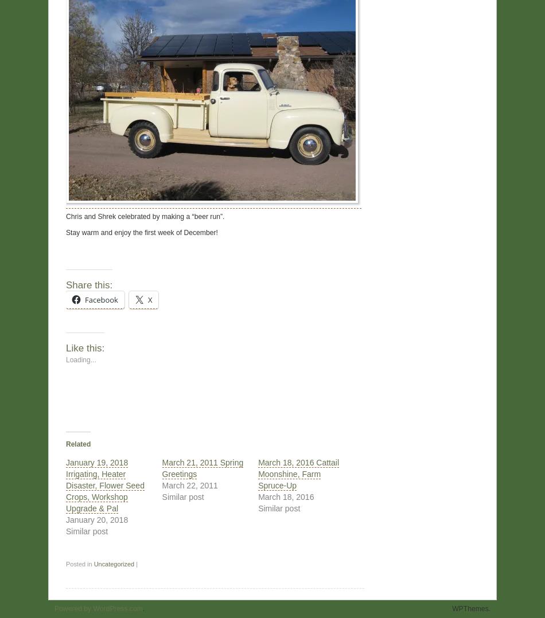 The height and width of the screenshot is (618, 545). I want to click on 'Share this:', so click(89, 284).